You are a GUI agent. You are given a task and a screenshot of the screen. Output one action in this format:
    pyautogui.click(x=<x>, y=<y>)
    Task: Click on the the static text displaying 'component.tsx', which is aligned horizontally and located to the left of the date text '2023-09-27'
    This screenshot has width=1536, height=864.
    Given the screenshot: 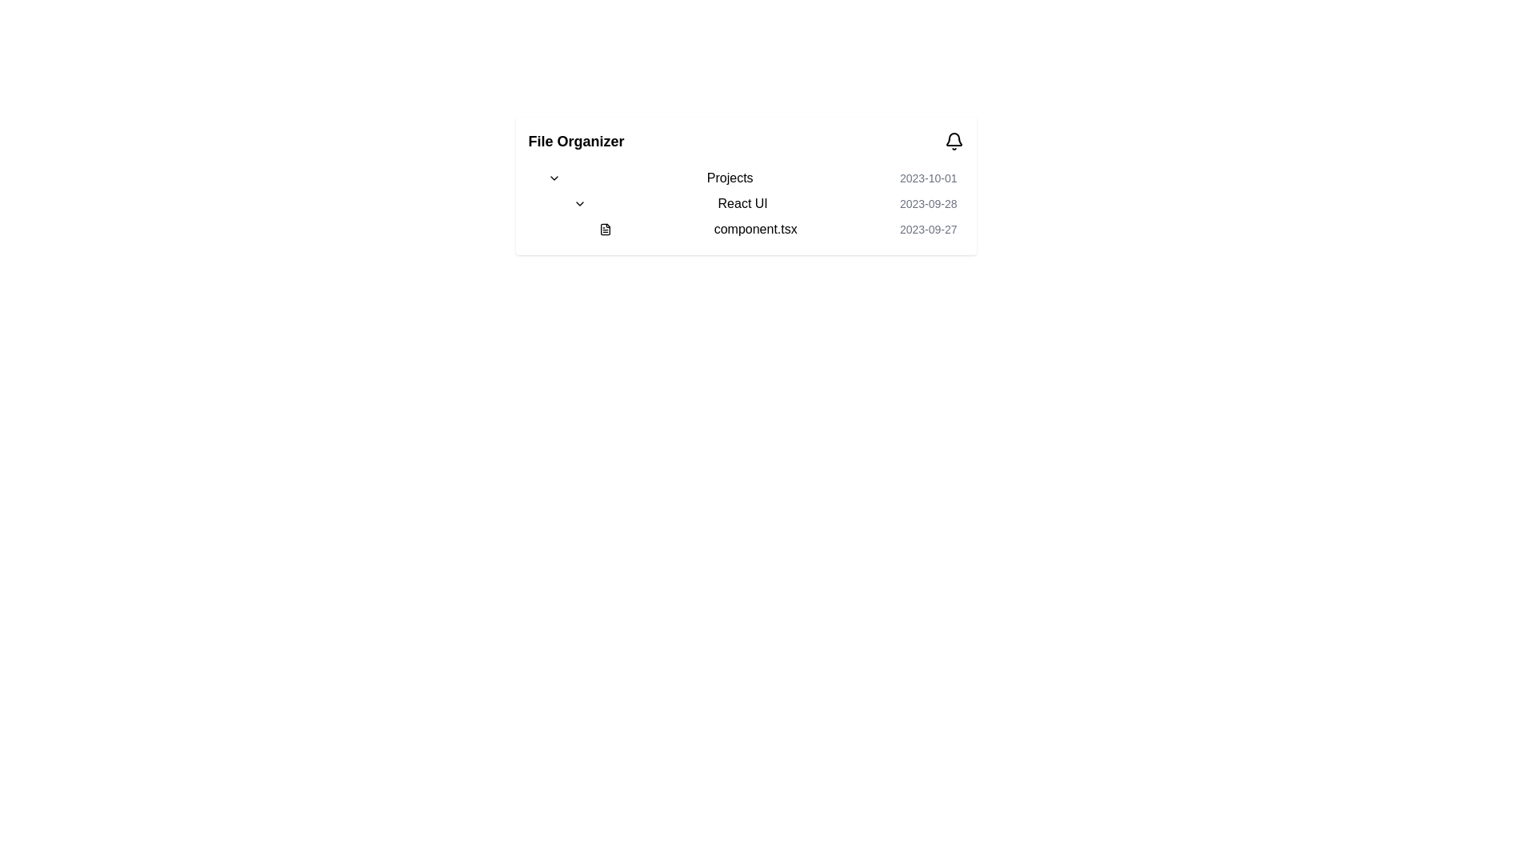 What is the action you would take?
    pyautogui.click(x=754, y=229)
    